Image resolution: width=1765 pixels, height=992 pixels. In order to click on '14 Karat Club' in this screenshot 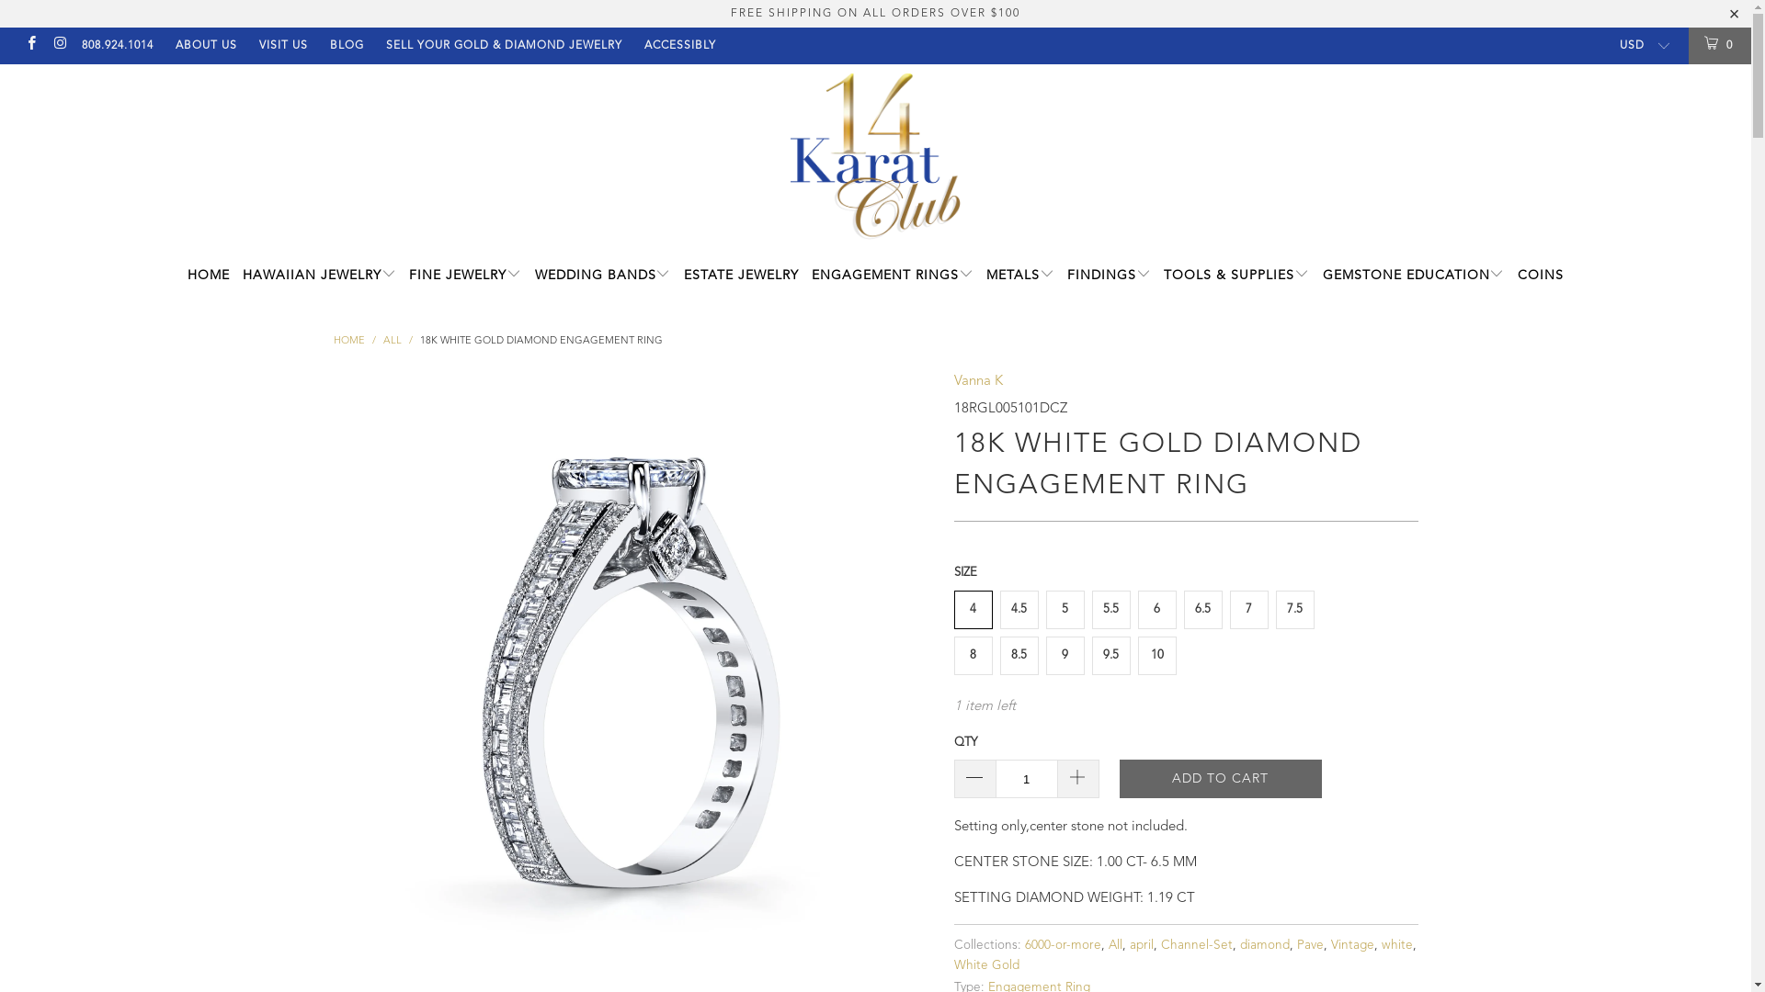, I will do `click(874, 155)`.